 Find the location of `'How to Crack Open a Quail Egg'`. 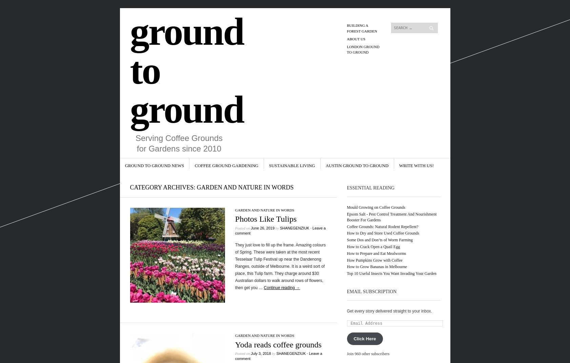

'How to Crack Open a Quail Egg' is located at coordinates (373, 246).